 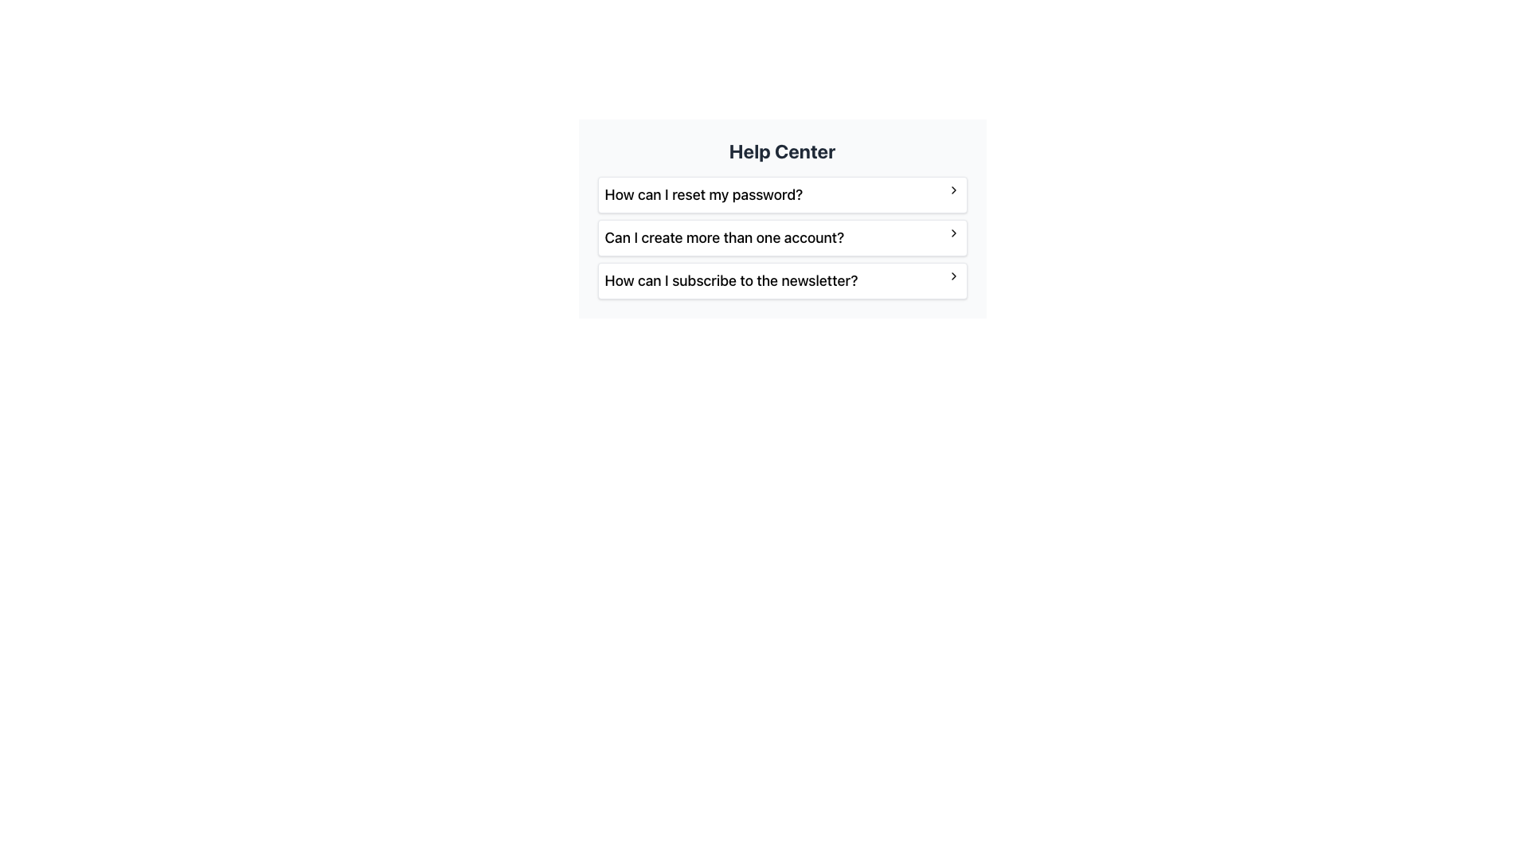 What do you see at coordinates (953, 276) in the screenshot?
I see `the downward-facing chevron icon at the right end of the row containing the text 'How can I subscribe to the newsletter?' for a tooltip or visual response` at bounding box center [953, 276].